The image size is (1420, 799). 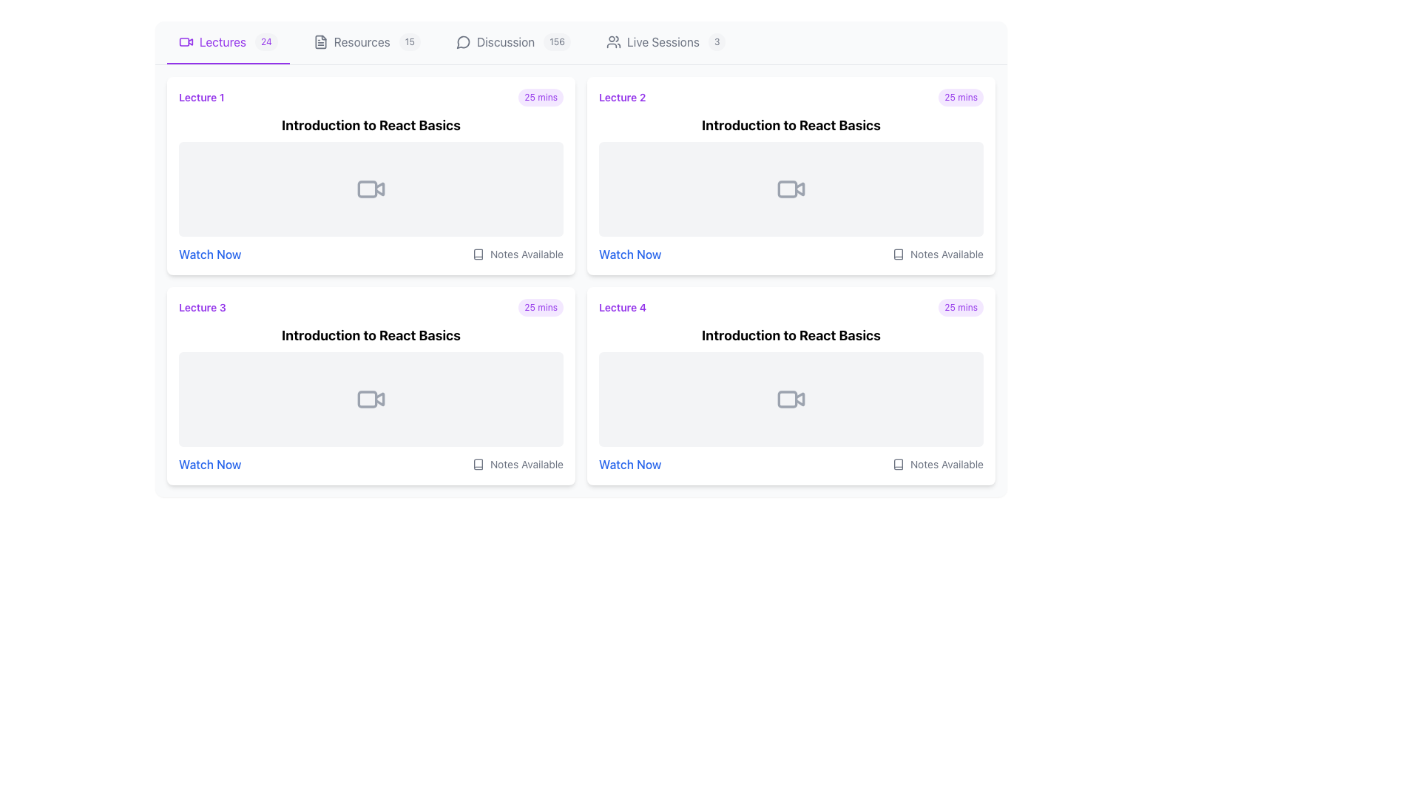 What do you see at coordinates (791, 336) in the screenshot?
I see `the static text element displaying 'Introduction to React Basics', which is located centrally under the lecture number and duration in the fourth lecture card` at bounding box center [791, 336].